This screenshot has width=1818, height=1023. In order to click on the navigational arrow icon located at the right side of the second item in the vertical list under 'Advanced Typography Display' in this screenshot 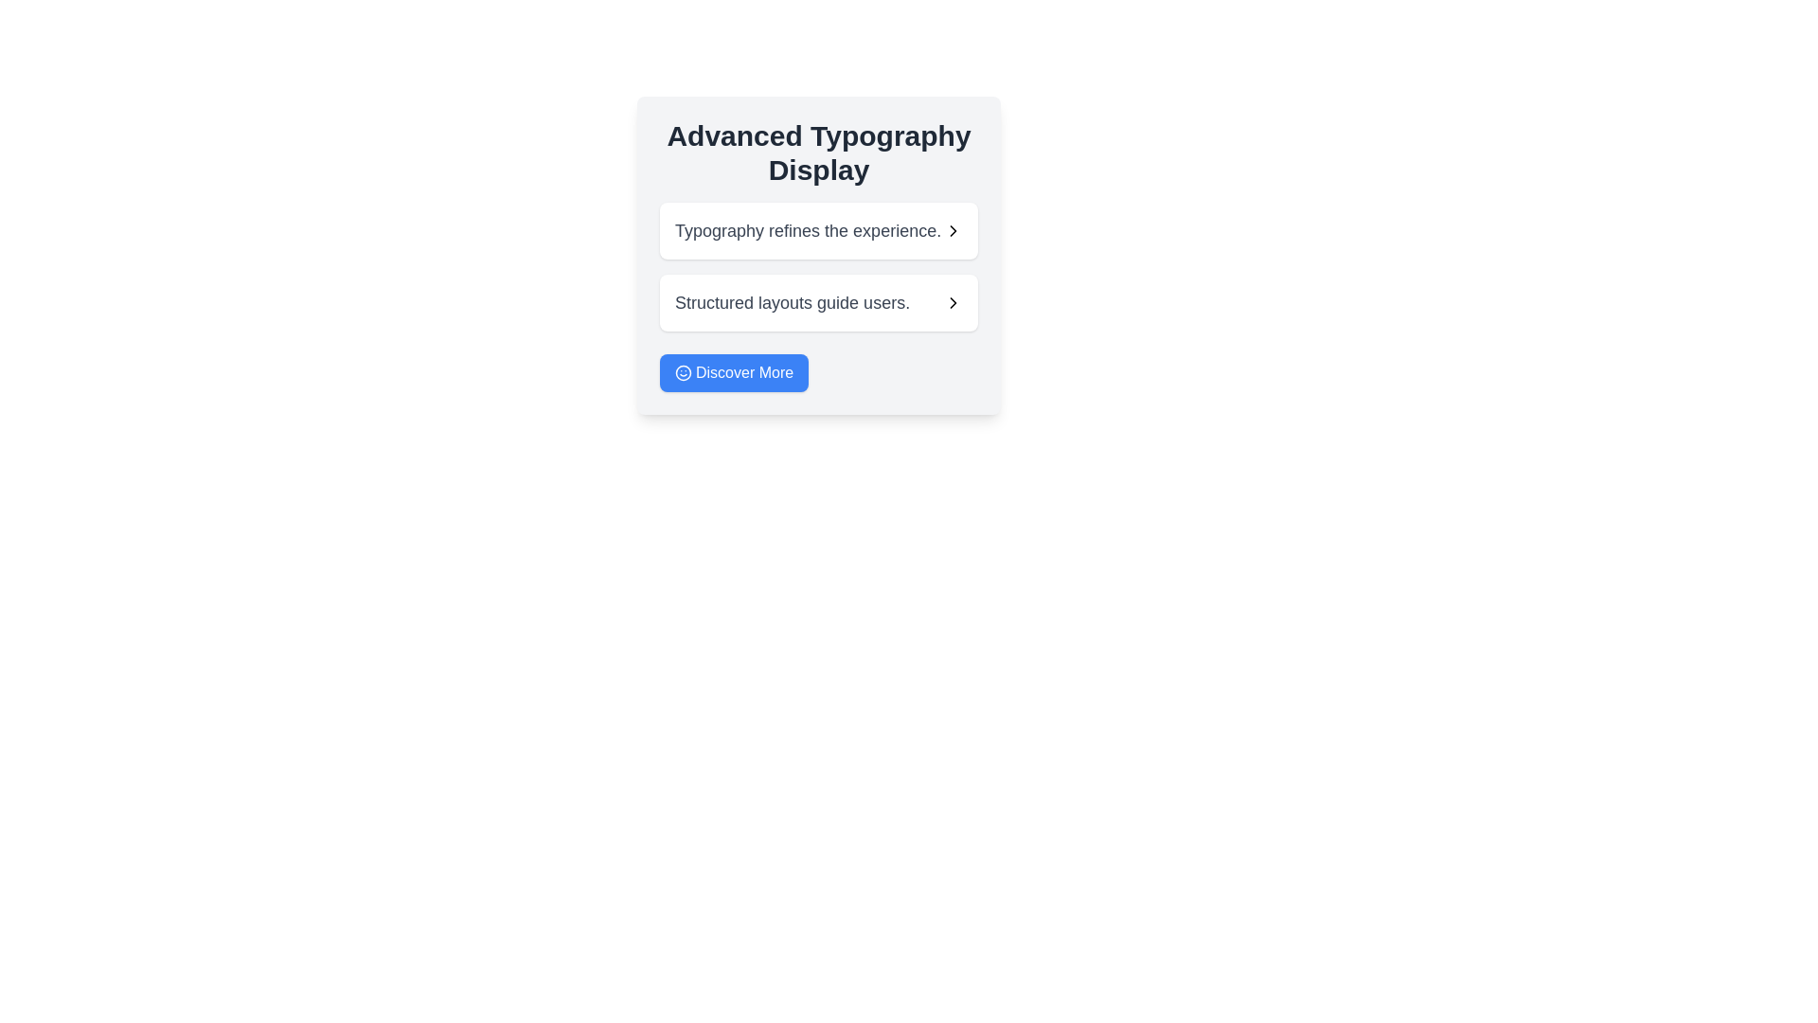, I will do `click(954, 229)`.